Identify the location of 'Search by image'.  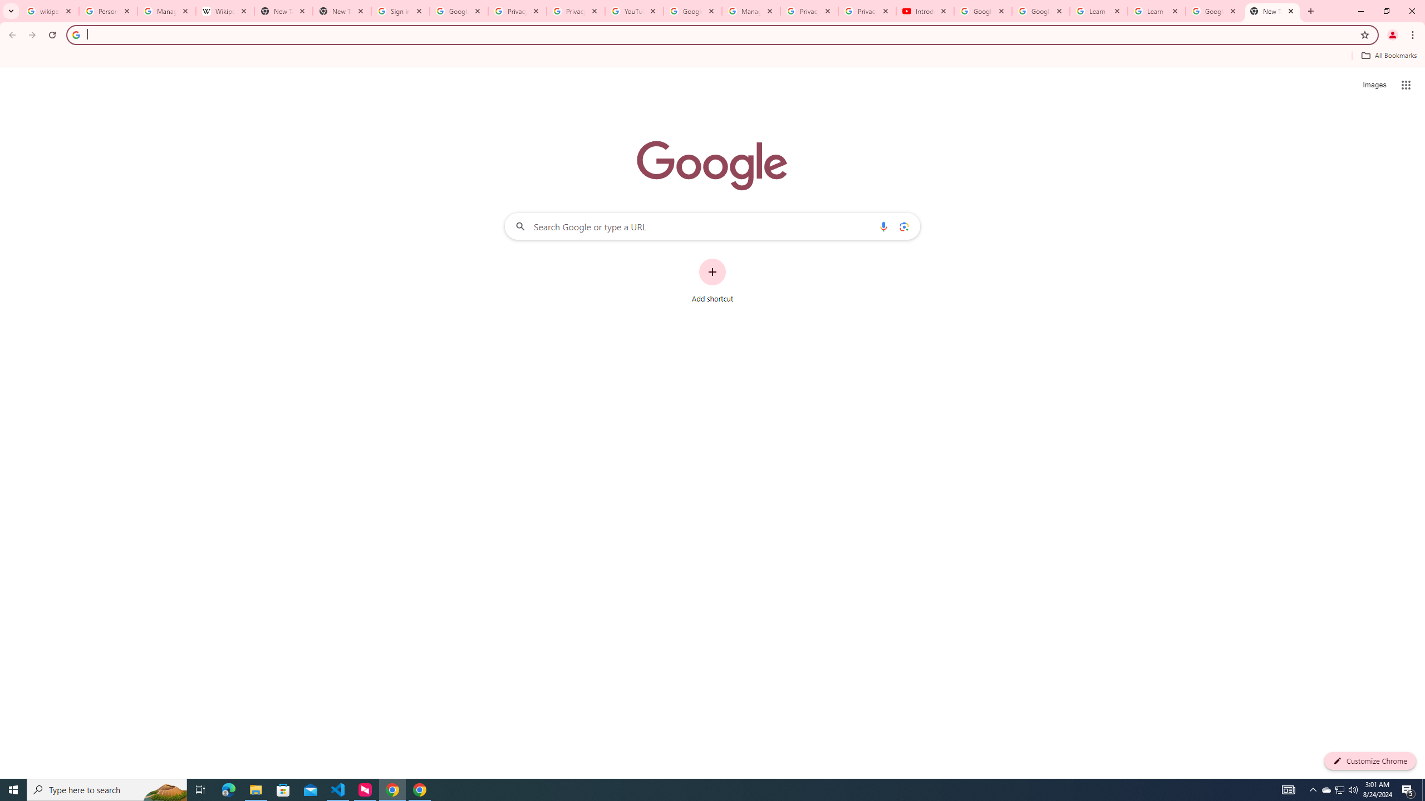
(903, 225).